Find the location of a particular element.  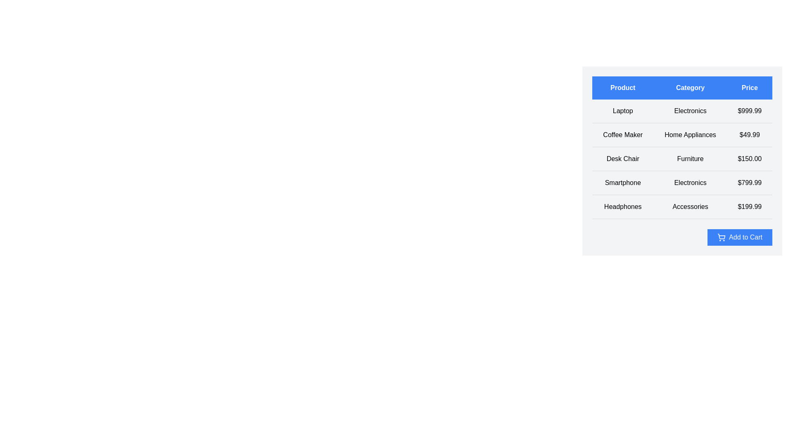

the 'Coffee Maker' label in the product listing table, which is the leftmost cell in the second row under the 'Product' heading is located at coordinates (623, 135).